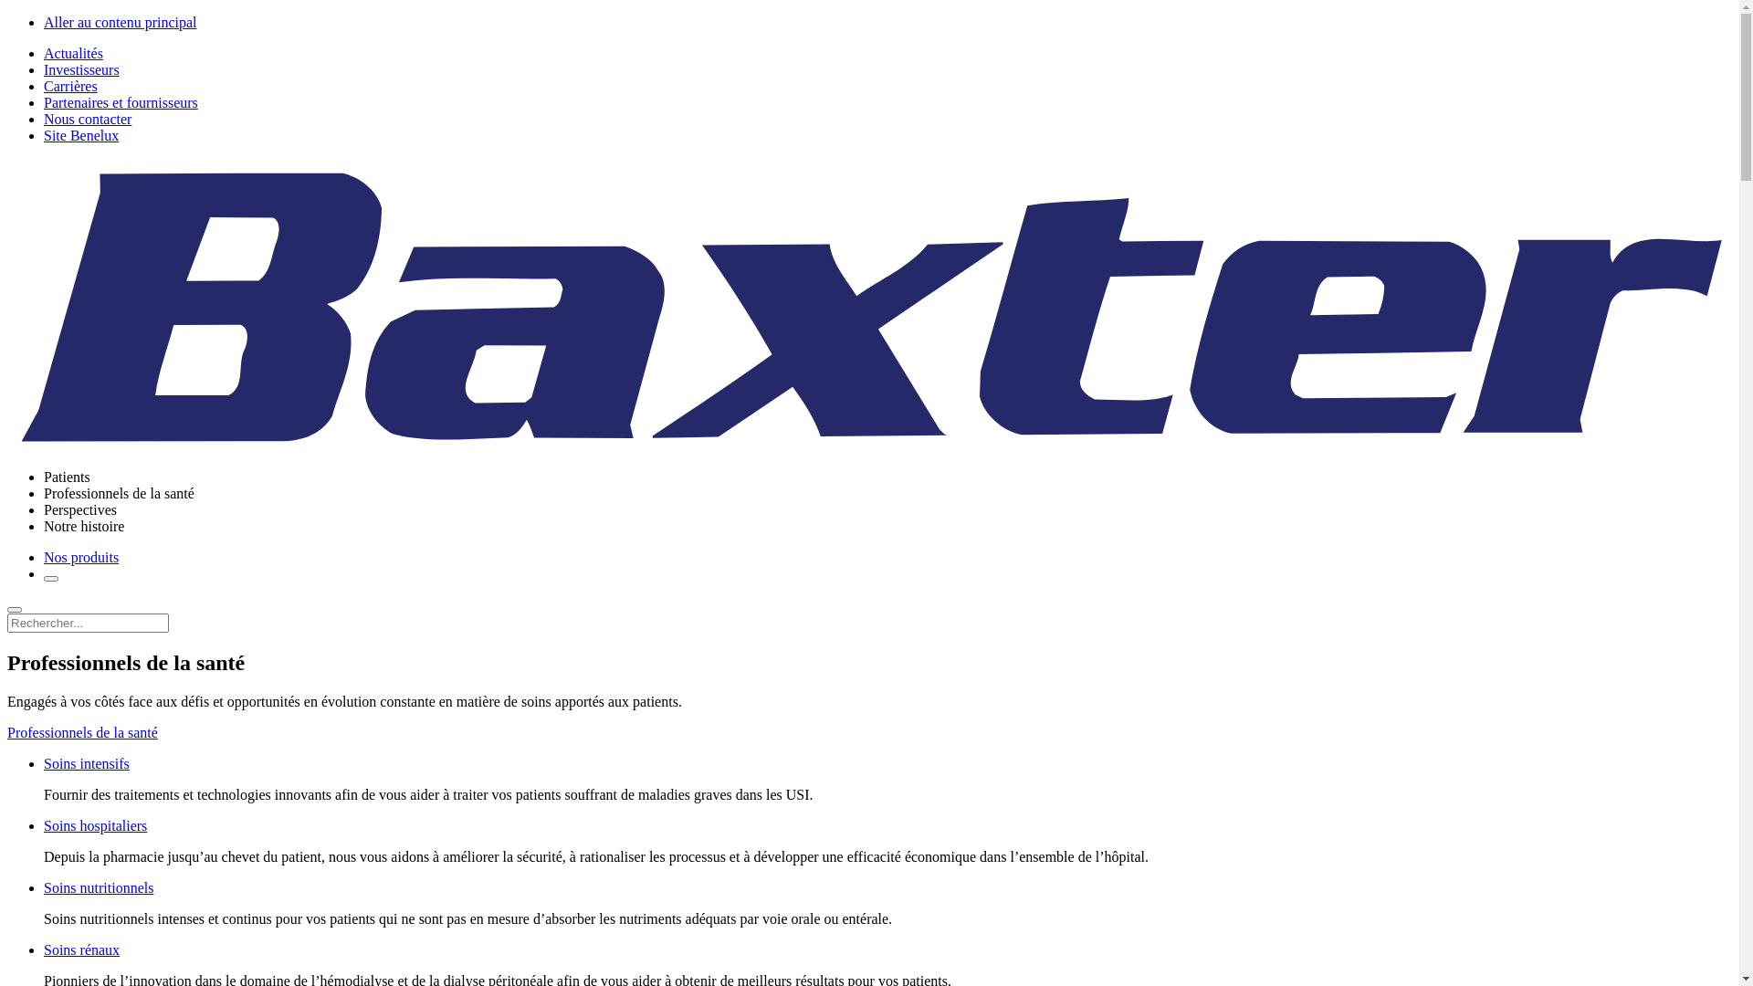 The width and height of the screenshot is (1753, 986). I want to click on 'Soins hospitaliers', so click(94, 825).